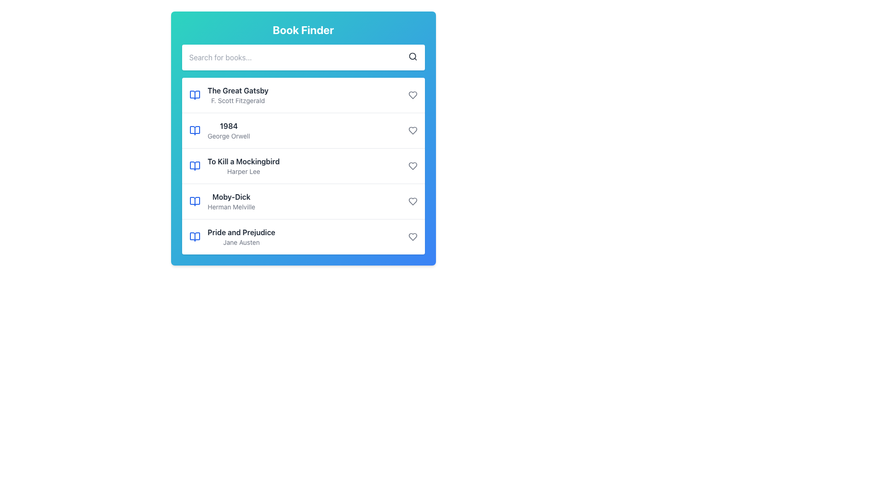  Describe the element at coordinates (229, 131) in the screenshot. I see `the text label displaying '1984' by George Orwell, which is positioned between 'The Great Gatsby' and 'To Kill a Mockingbird' in a vertical list of book entries` at that location.